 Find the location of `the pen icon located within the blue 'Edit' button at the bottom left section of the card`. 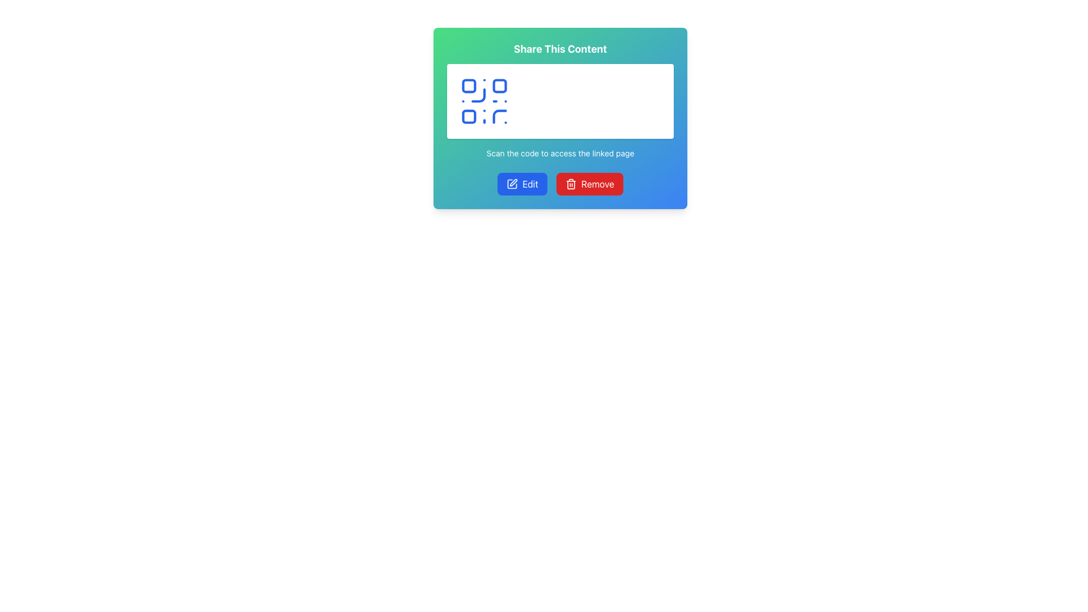

the pen icon located within the blue 'Edit' button at the bottom left section of the card is located at coordinates (511, 183).